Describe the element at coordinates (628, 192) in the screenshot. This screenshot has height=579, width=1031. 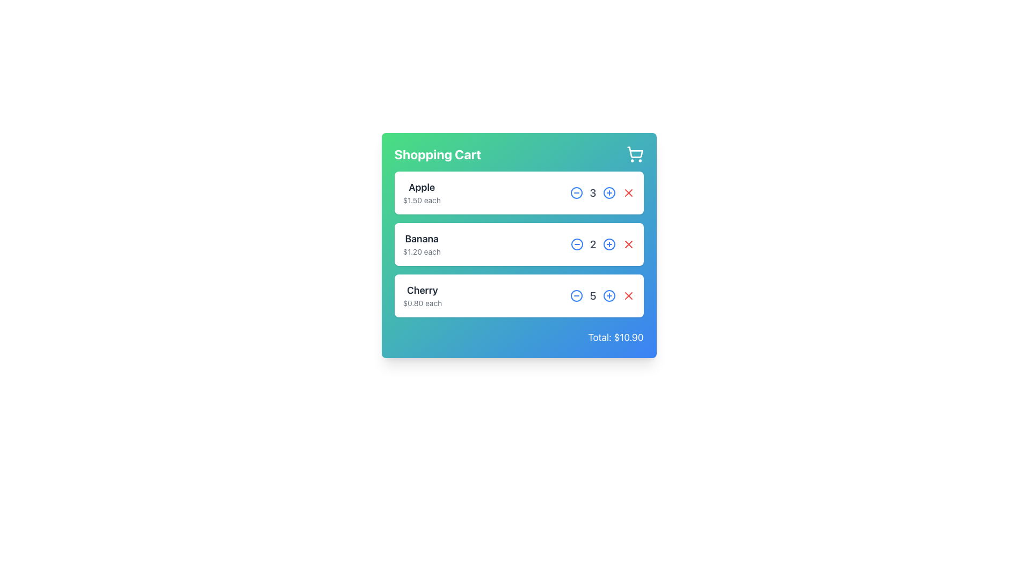
I see `the red 'X' icon button` at that location.